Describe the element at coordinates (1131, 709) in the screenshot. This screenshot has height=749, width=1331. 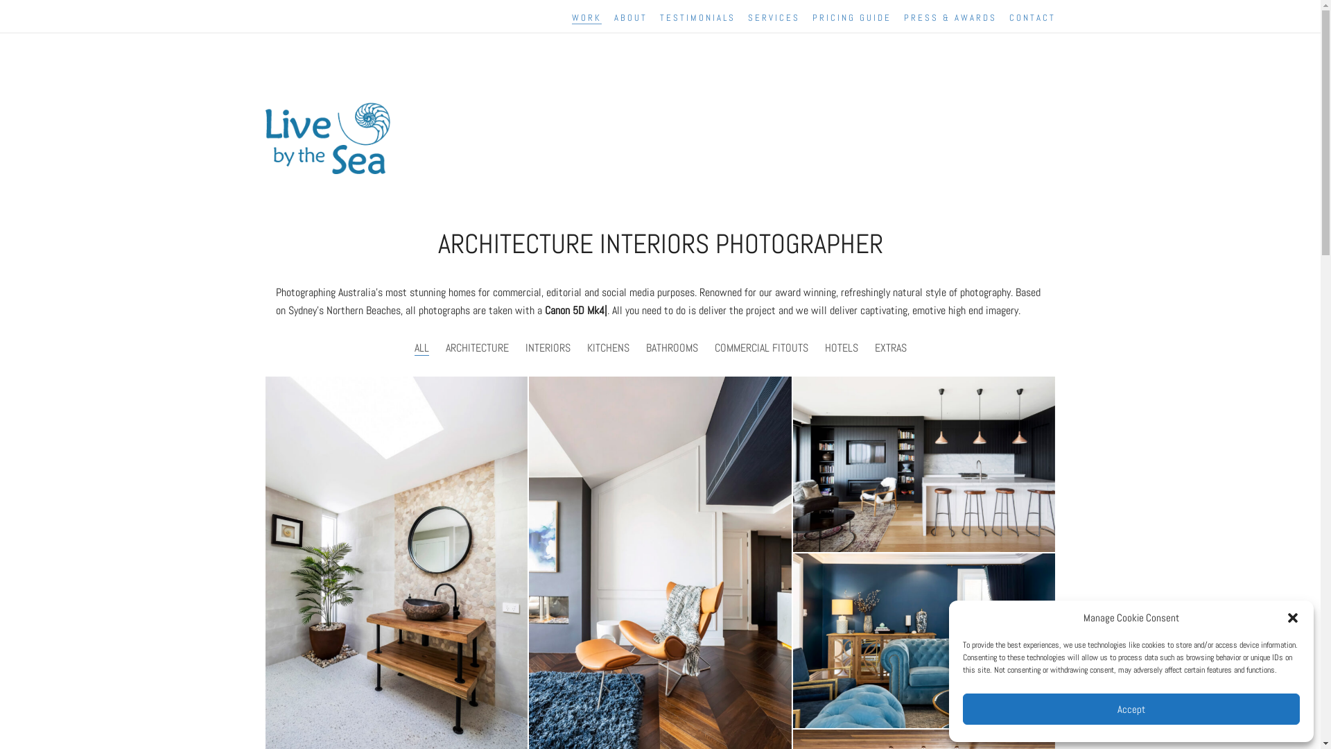
I see `'Accept'` at that location.